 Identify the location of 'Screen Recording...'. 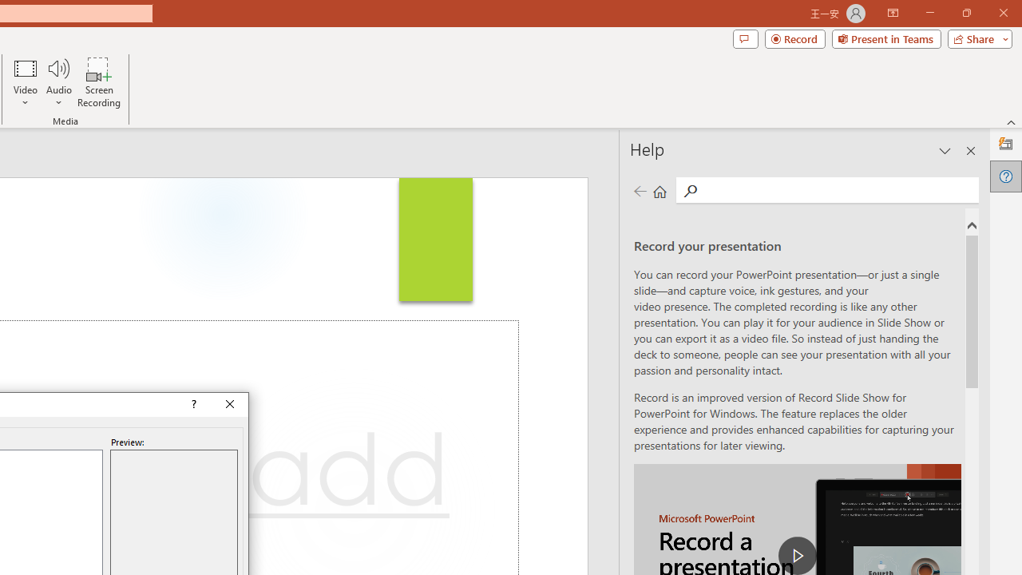
(98, 82).